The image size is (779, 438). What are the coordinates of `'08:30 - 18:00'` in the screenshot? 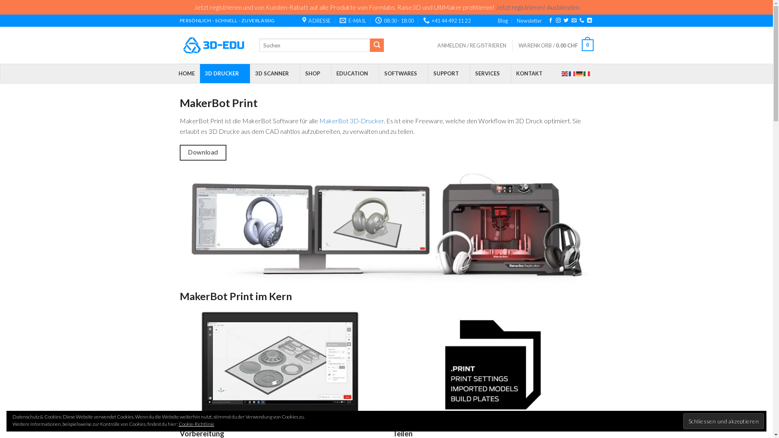 It's located at (375, 20).